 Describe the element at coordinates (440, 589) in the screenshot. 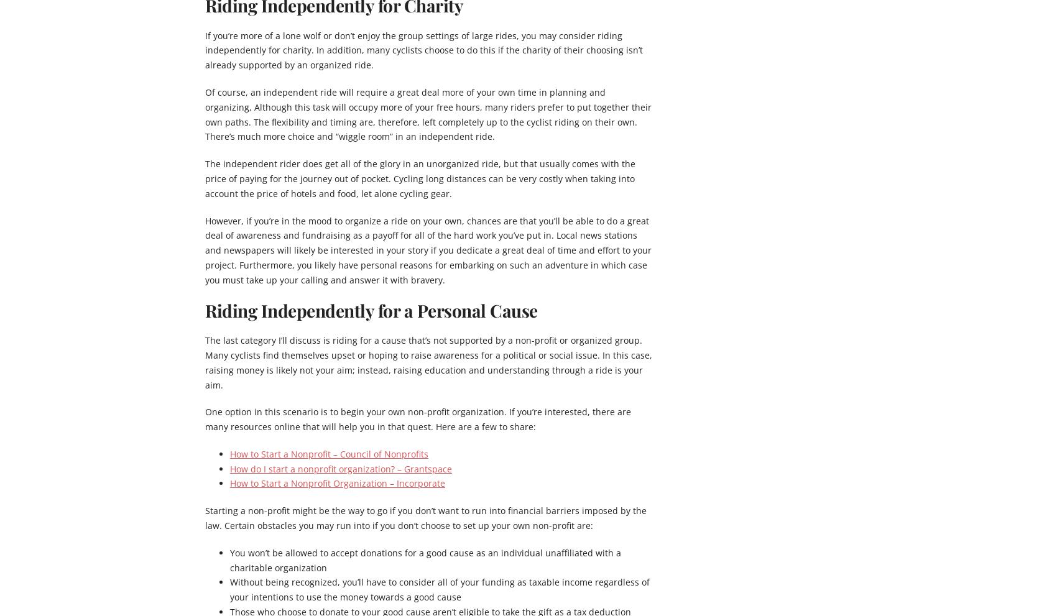

I see `'Without being recognized, you’ll have to consider all of your funding as taxable income regardless of your intentions to use the money towards a good cause'` at that location.